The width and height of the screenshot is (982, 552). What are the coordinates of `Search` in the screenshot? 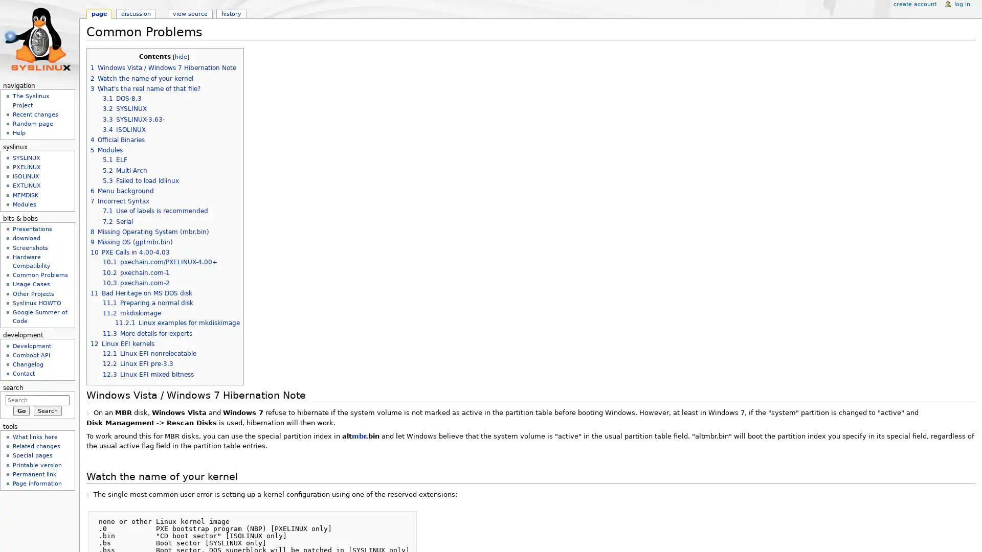 It's located at (47, 410).